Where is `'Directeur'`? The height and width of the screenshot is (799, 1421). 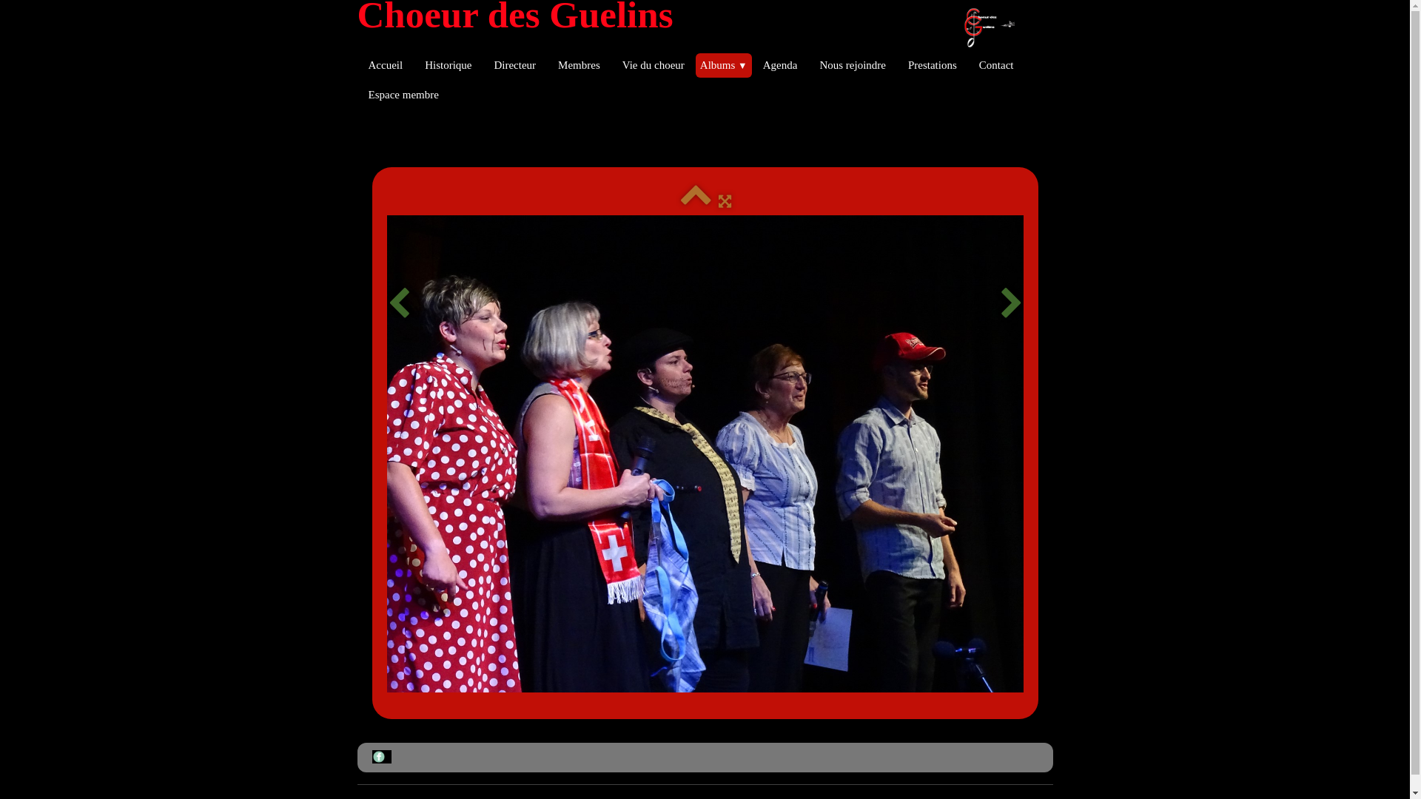 'Directeur' is located at coordinates (483, 64).